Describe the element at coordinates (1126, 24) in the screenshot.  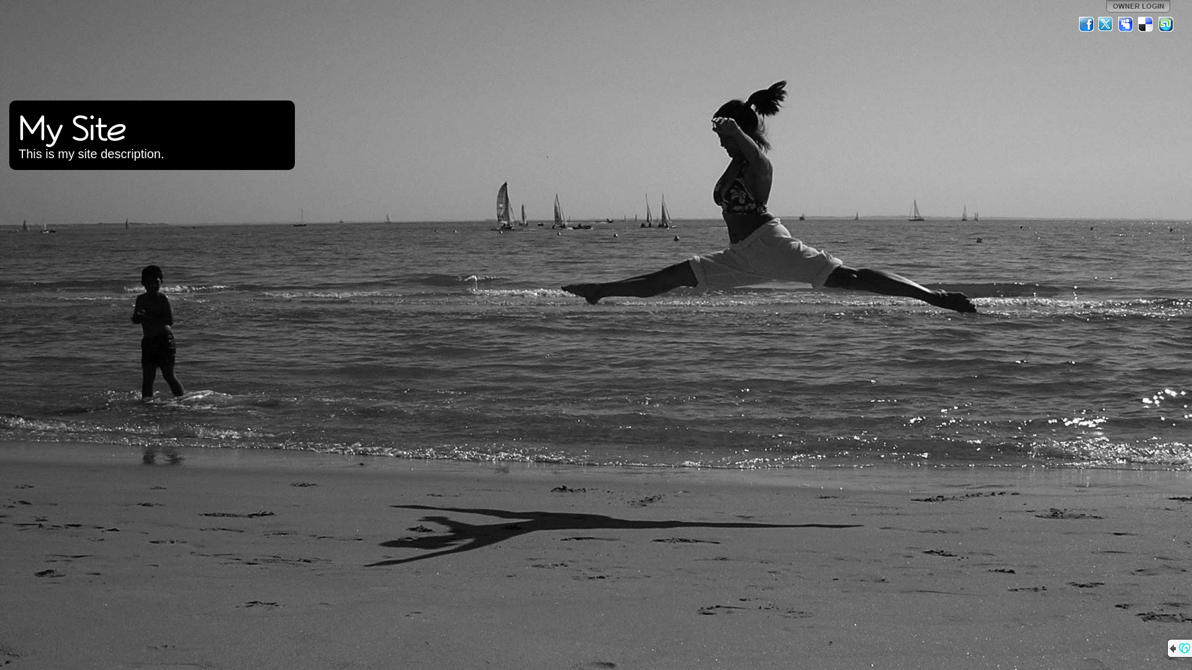
I see `'MySpace'` at that location.